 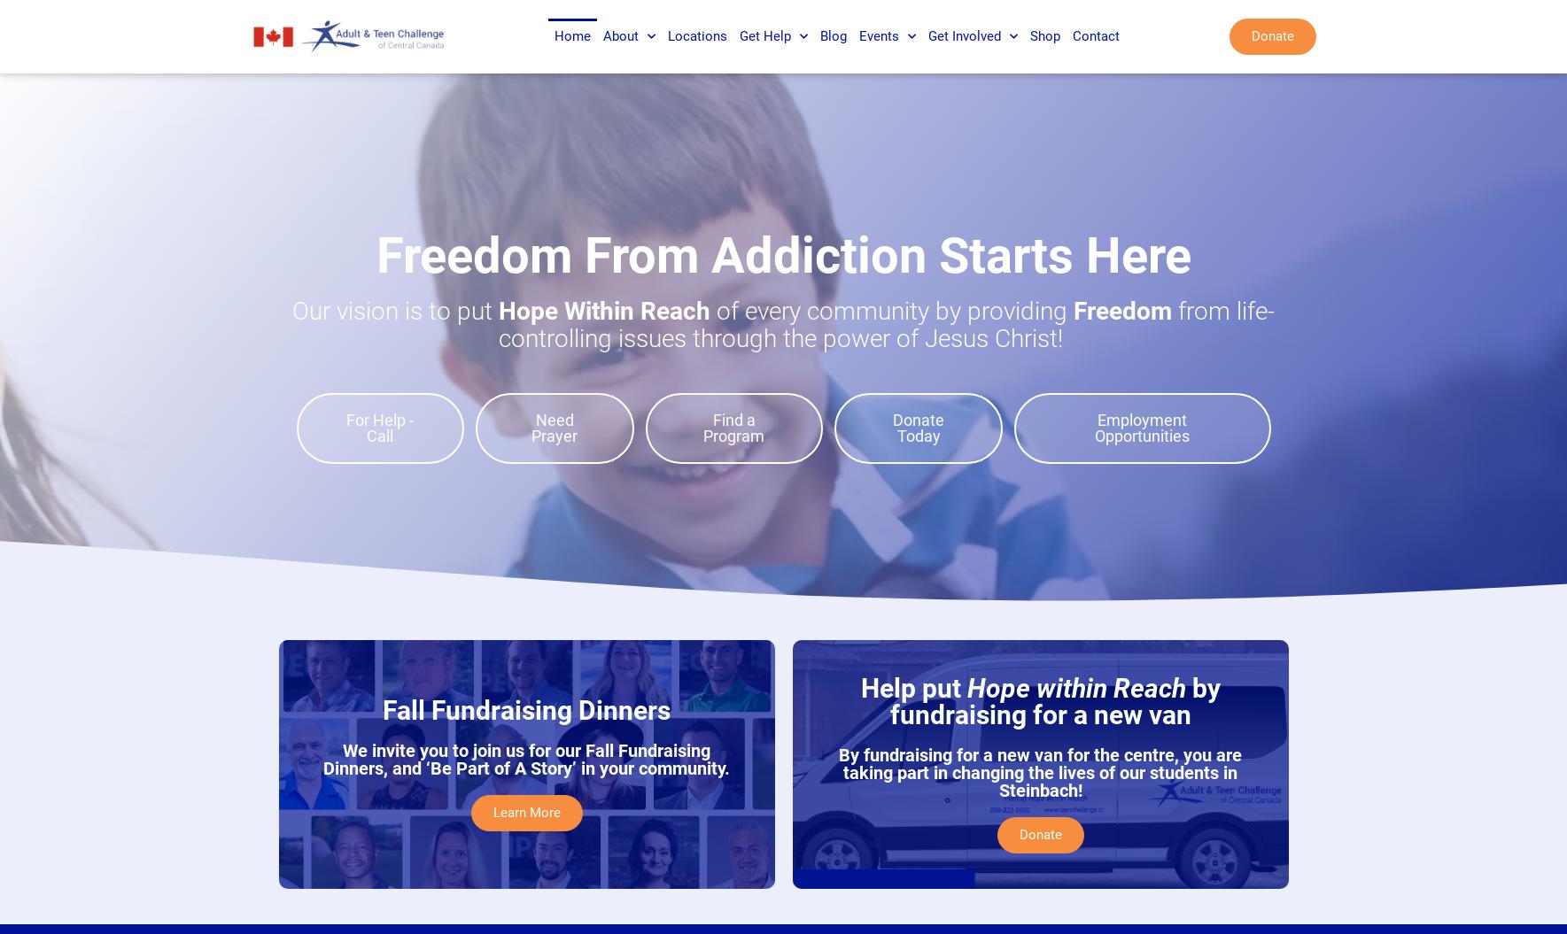 What do you see at coordinates (781, 255) in the screenshot?
I see `'Freedom From Addiction Starts Here'` at bounding box center [781, 255].